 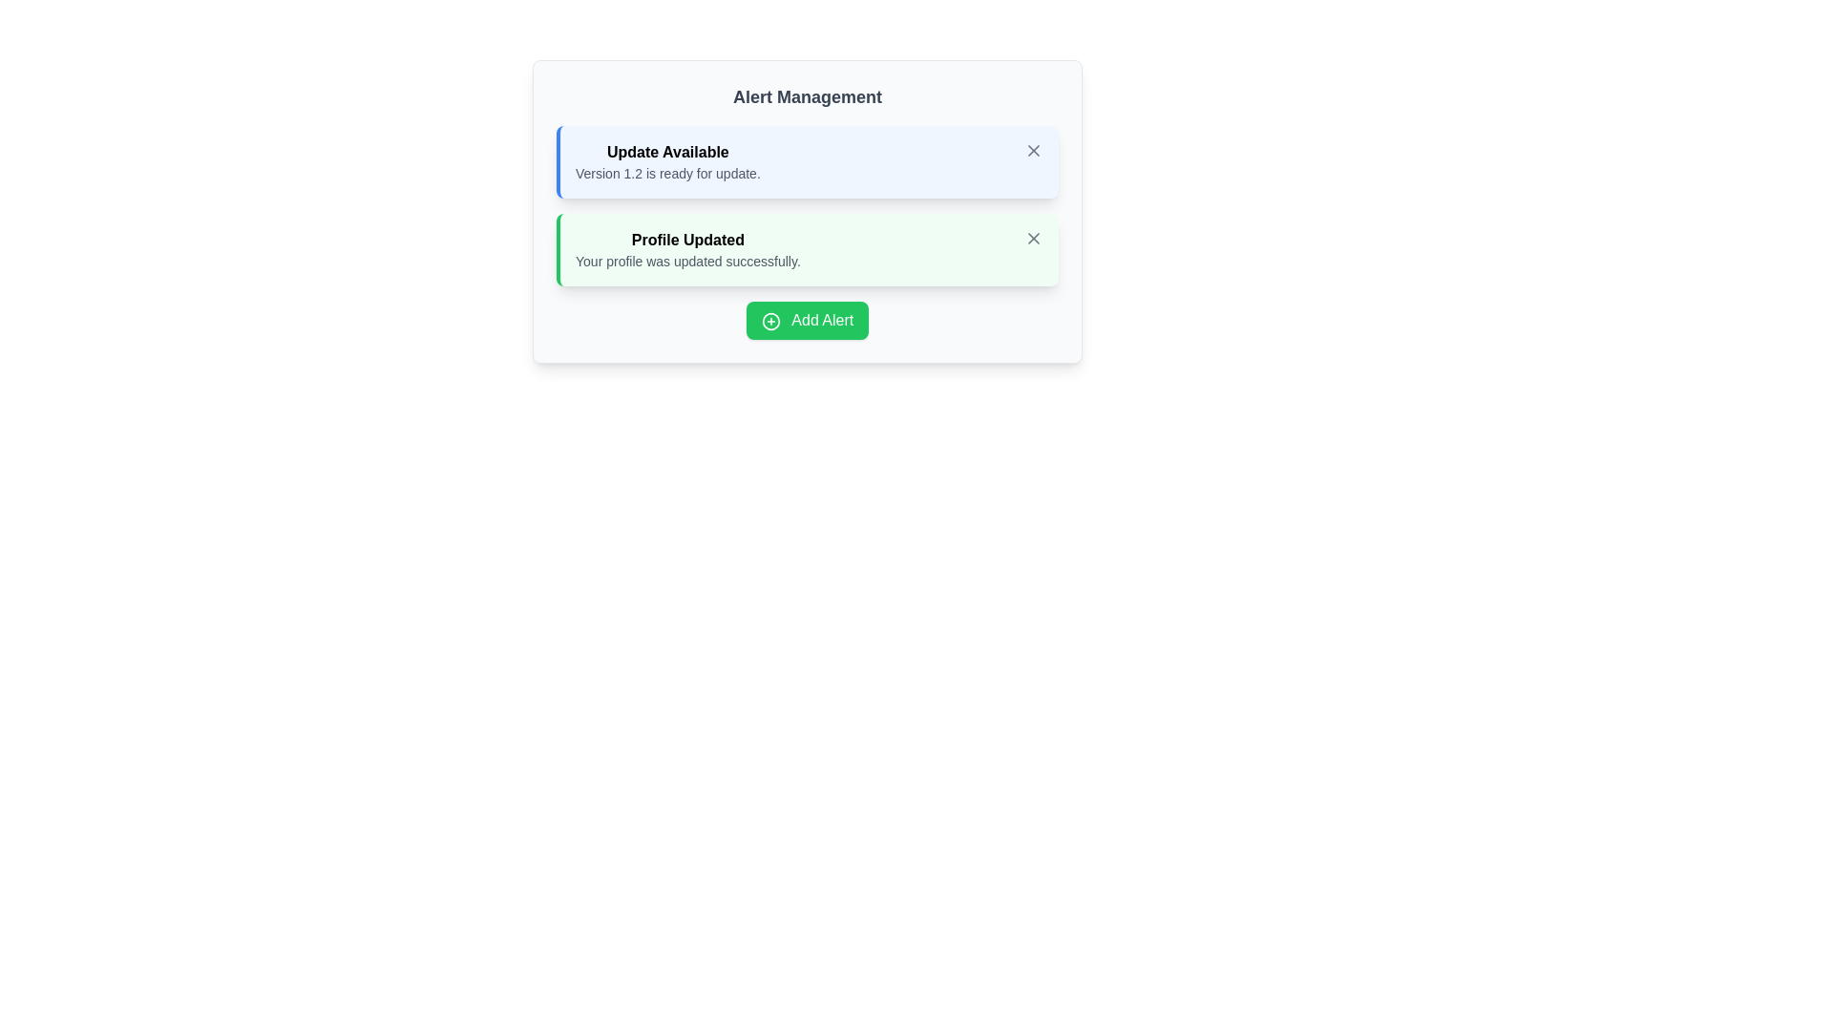 What do you see at coordinates (667, 151) in the screenshot?
I see `the Text Label that serves as a title for the alert message in the top alert box of the 'Alert Management' area` at bounding box center [667, 151].